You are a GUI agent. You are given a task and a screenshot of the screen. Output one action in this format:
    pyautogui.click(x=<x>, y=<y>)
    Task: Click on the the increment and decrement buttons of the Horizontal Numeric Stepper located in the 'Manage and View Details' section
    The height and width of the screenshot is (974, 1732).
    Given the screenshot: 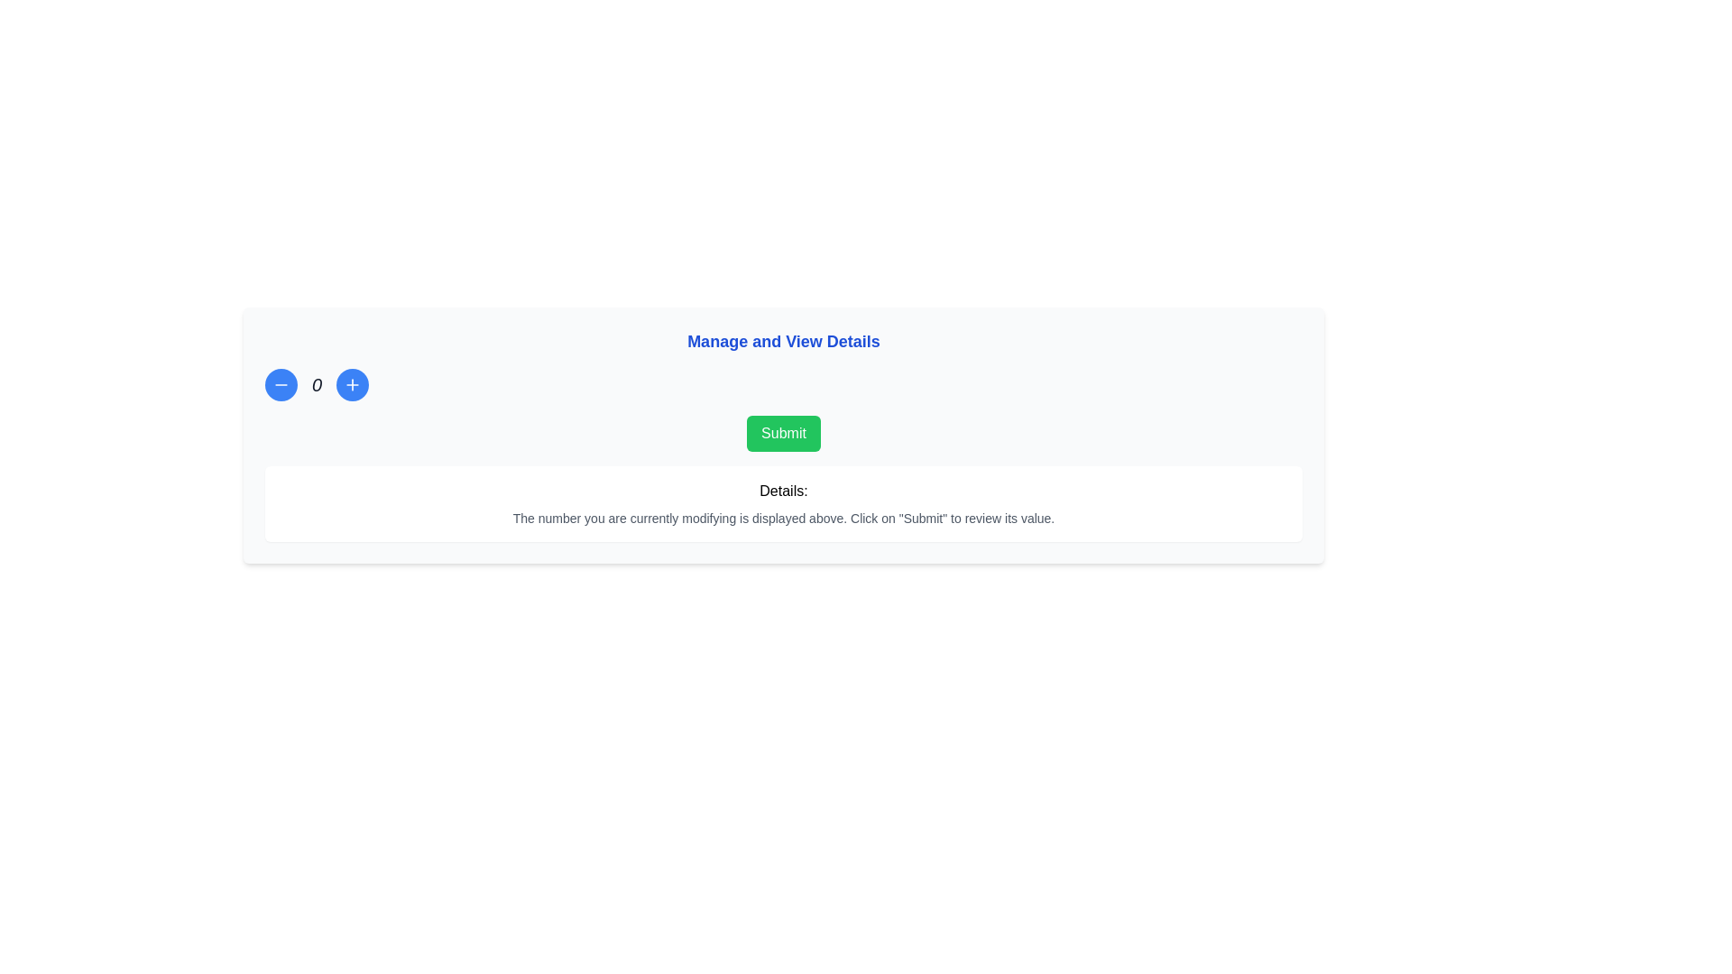 What is the action you would take?
    pyautogui.click(x=783, y=384)
    